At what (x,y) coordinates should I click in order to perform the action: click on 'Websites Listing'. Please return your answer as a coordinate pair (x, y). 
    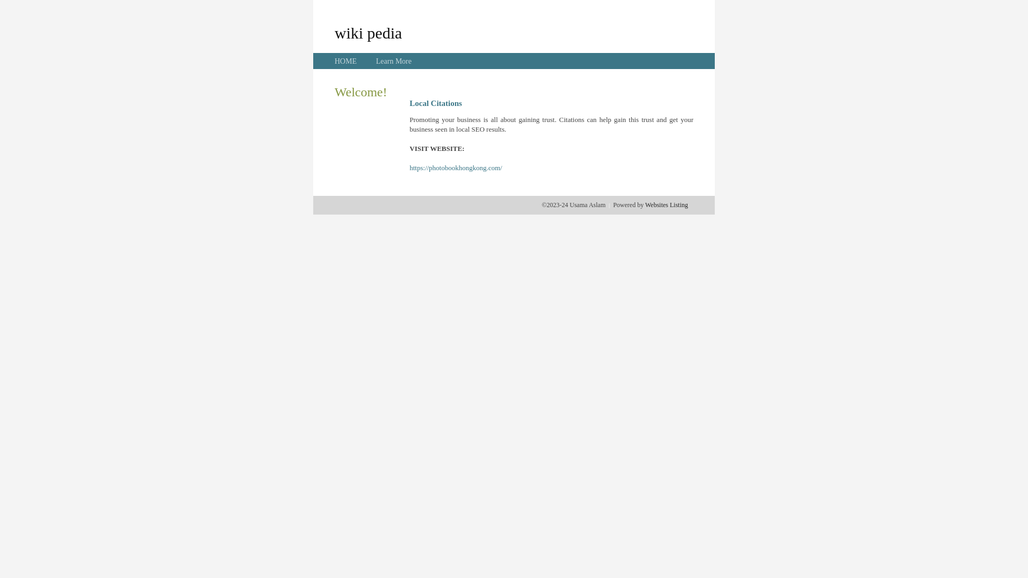
    Looking at the image, I should click on (666, 204).